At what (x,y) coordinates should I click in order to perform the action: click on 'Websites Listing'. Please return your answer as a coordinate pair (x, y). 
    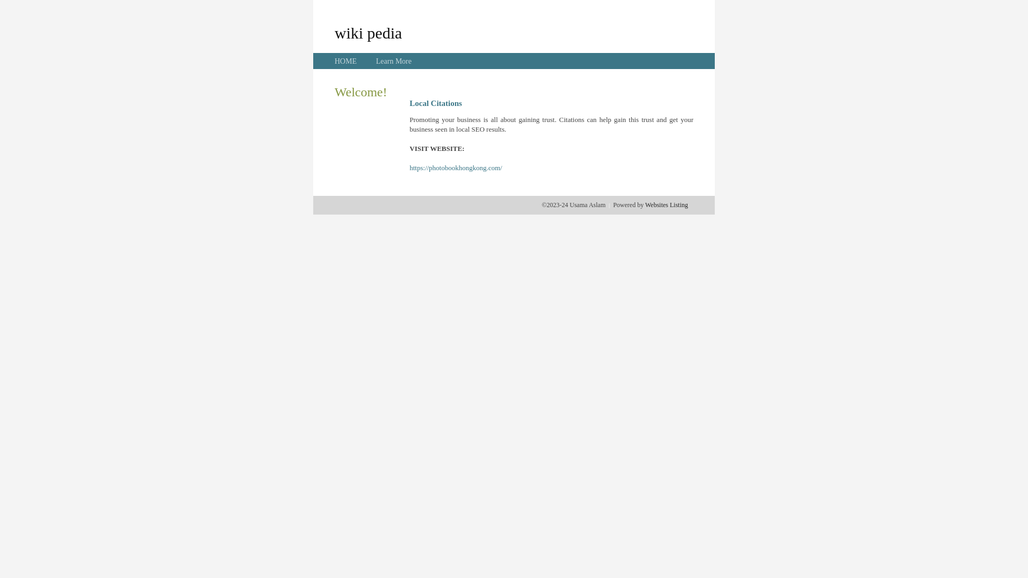
    Looking at the image, I should click on (666, 204).